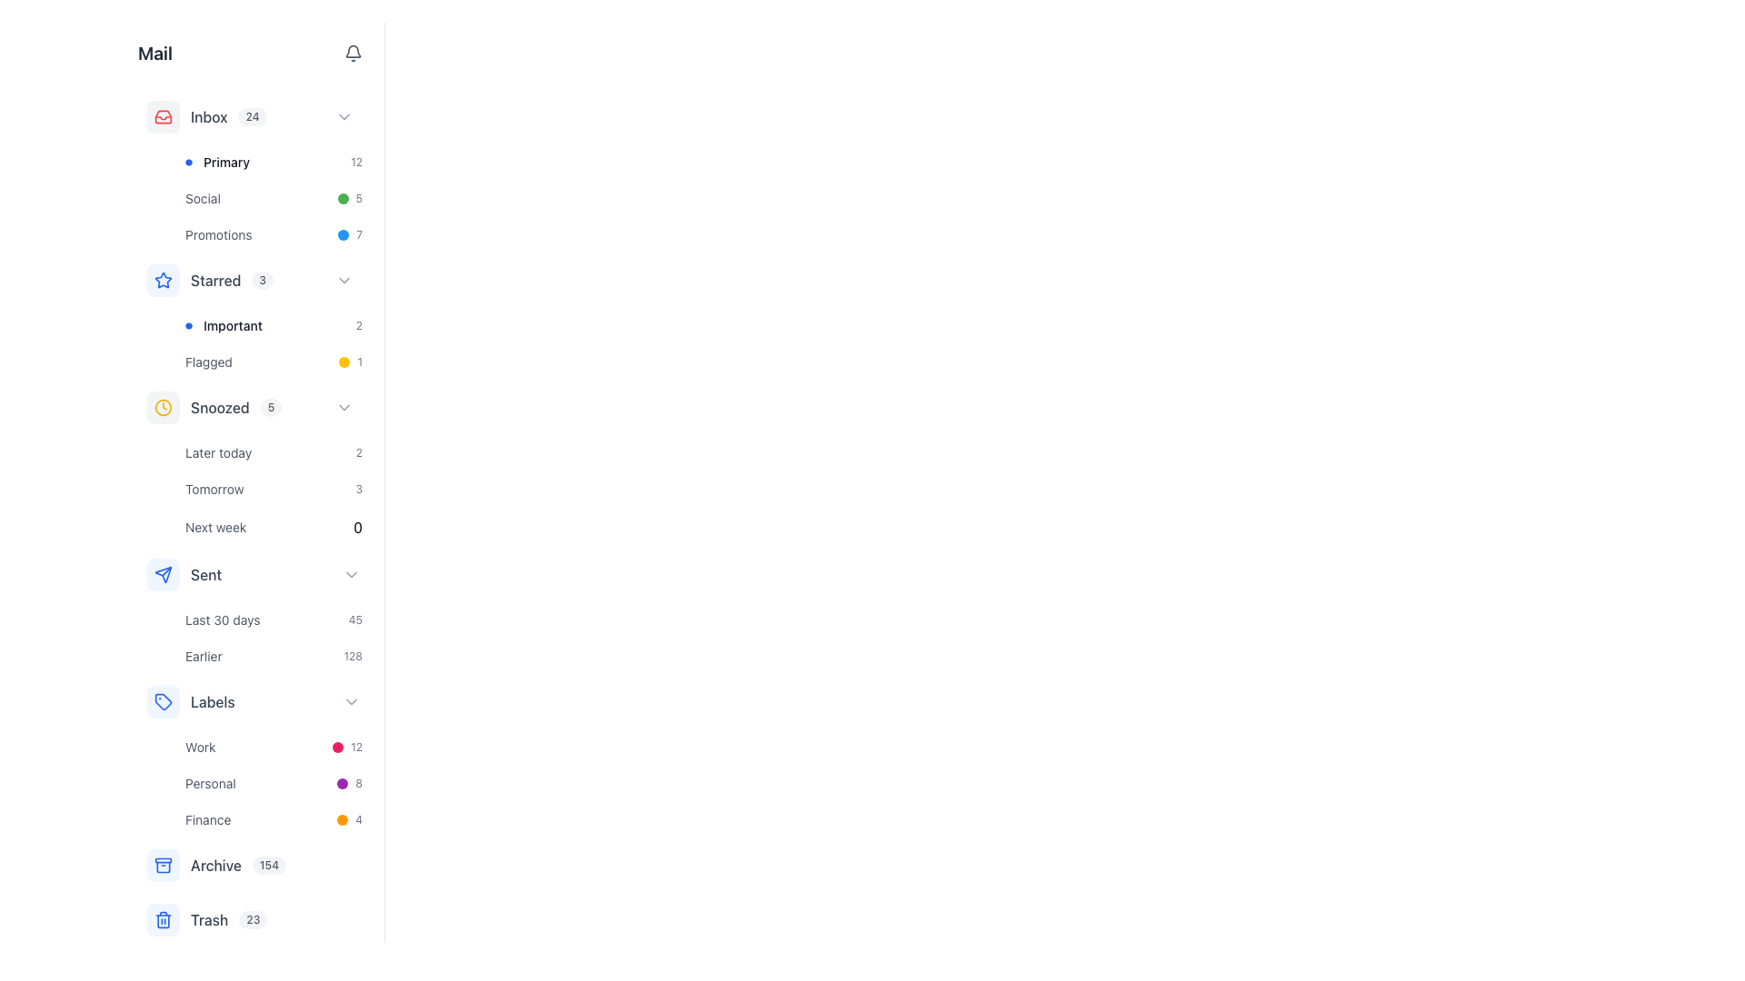 This screenshot has height=981, width=1745. I want to click on the decorative circle indicator located next to the numeral '8' in the 'Labels' section, which represents the 'Personal' label category, so click(343, 783).